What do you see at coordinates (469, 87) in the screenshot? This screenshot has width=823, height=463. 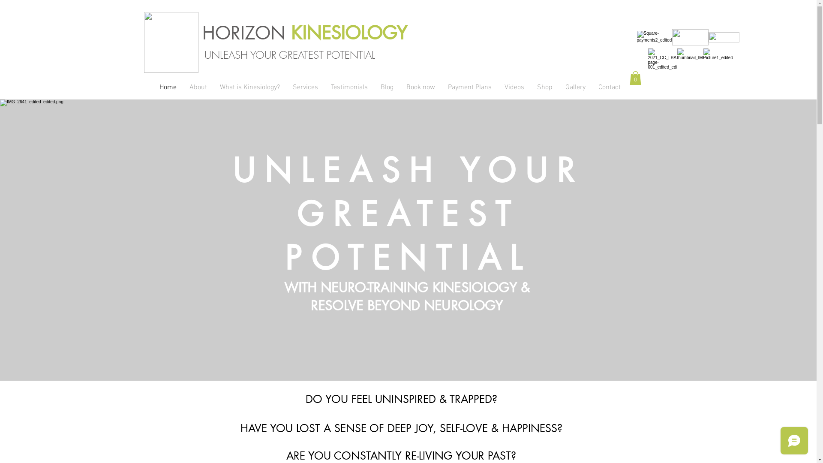 I see `'Payment Plans'` at bounding box center [469, 87].